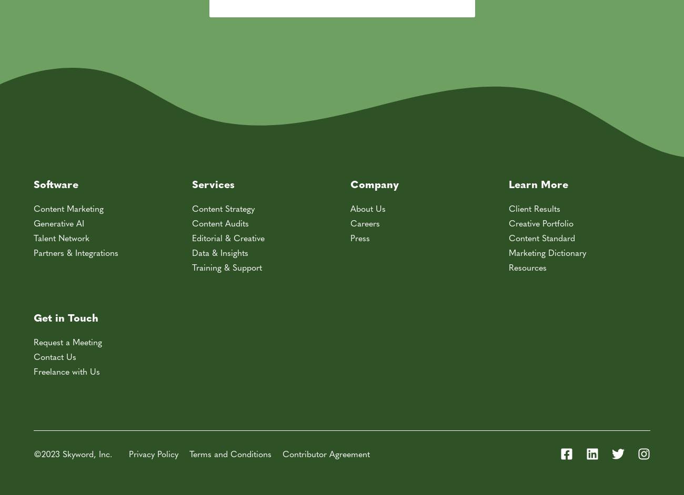 This screenshot has width=684, height=495. I want to click on 'Training & Support', so click(192, 266).